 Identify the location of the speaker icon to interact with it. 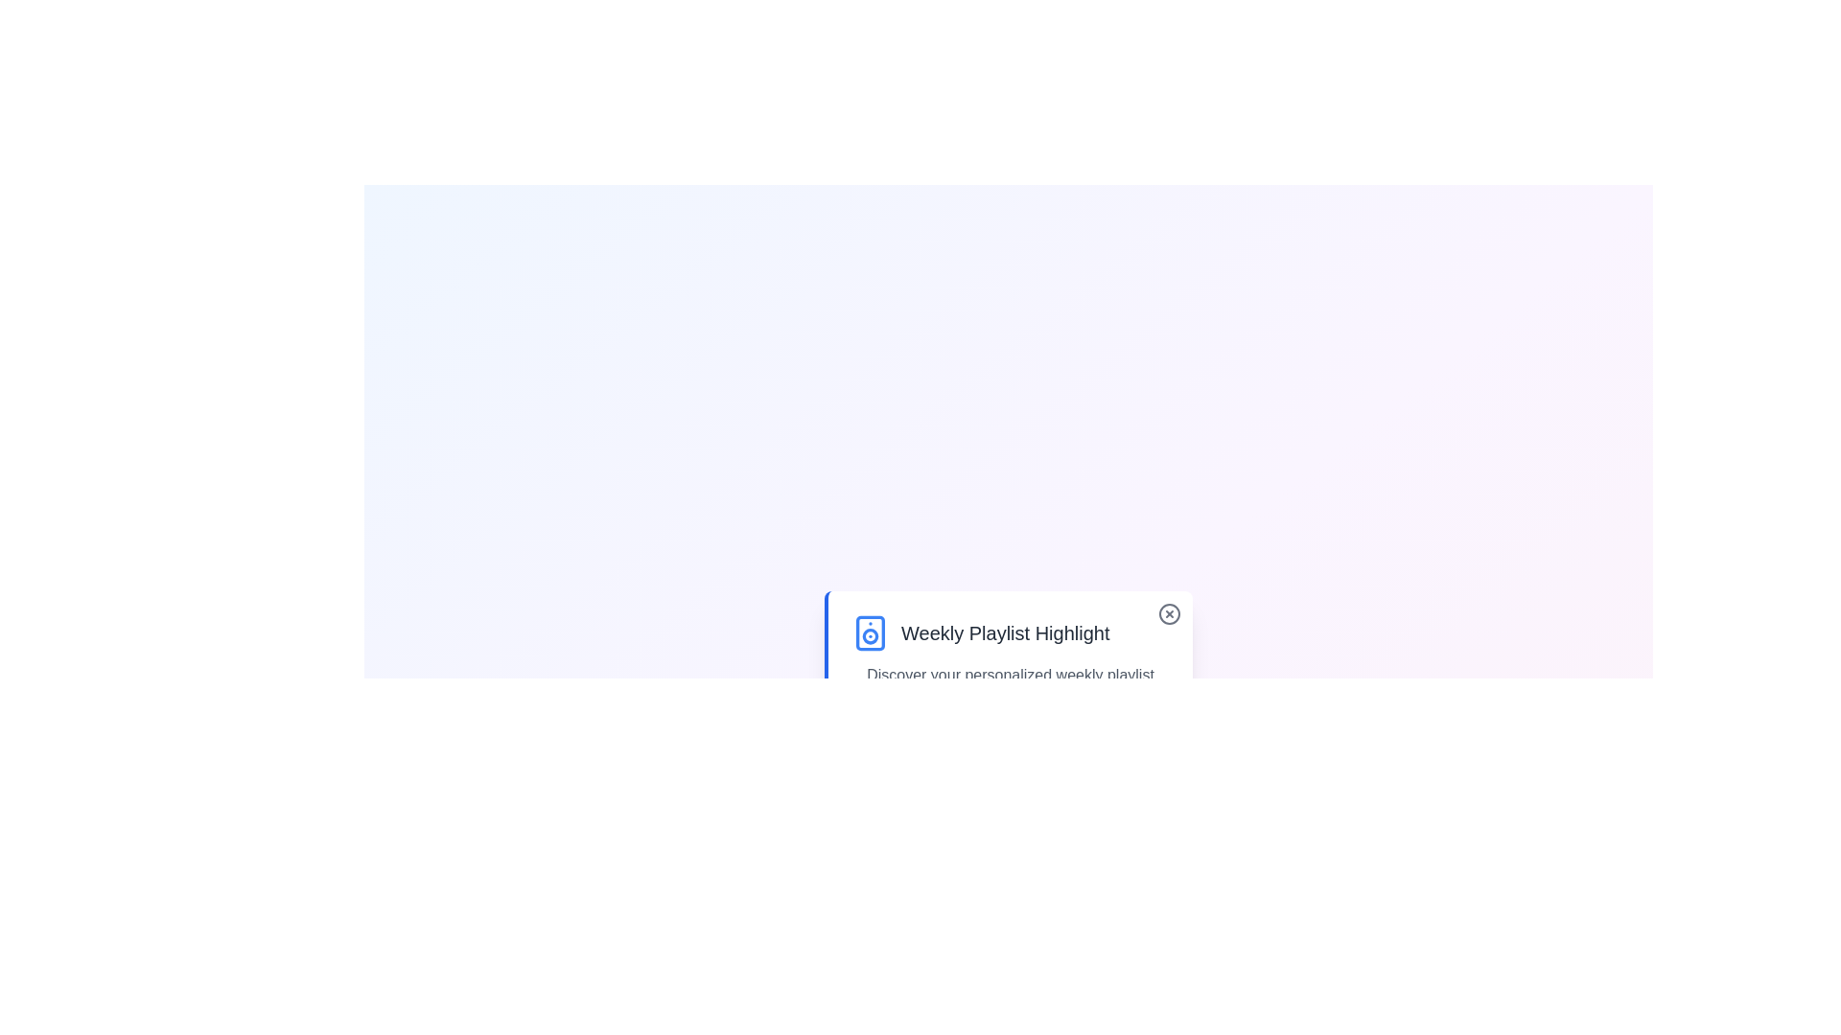
(869, 632).